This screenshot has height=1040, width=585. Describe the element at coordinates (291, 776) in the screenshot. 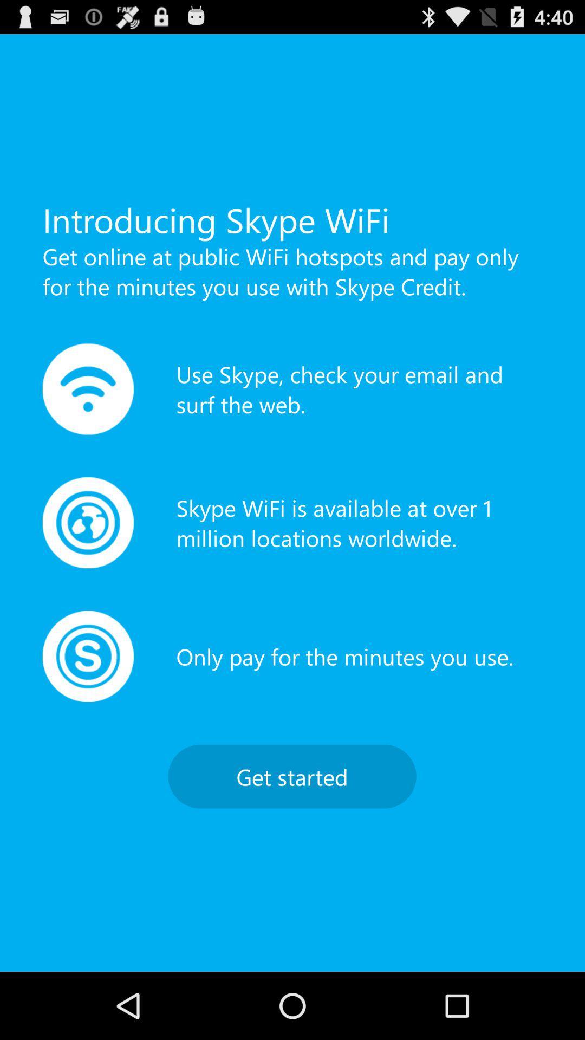

I see `get started icon` at that location.